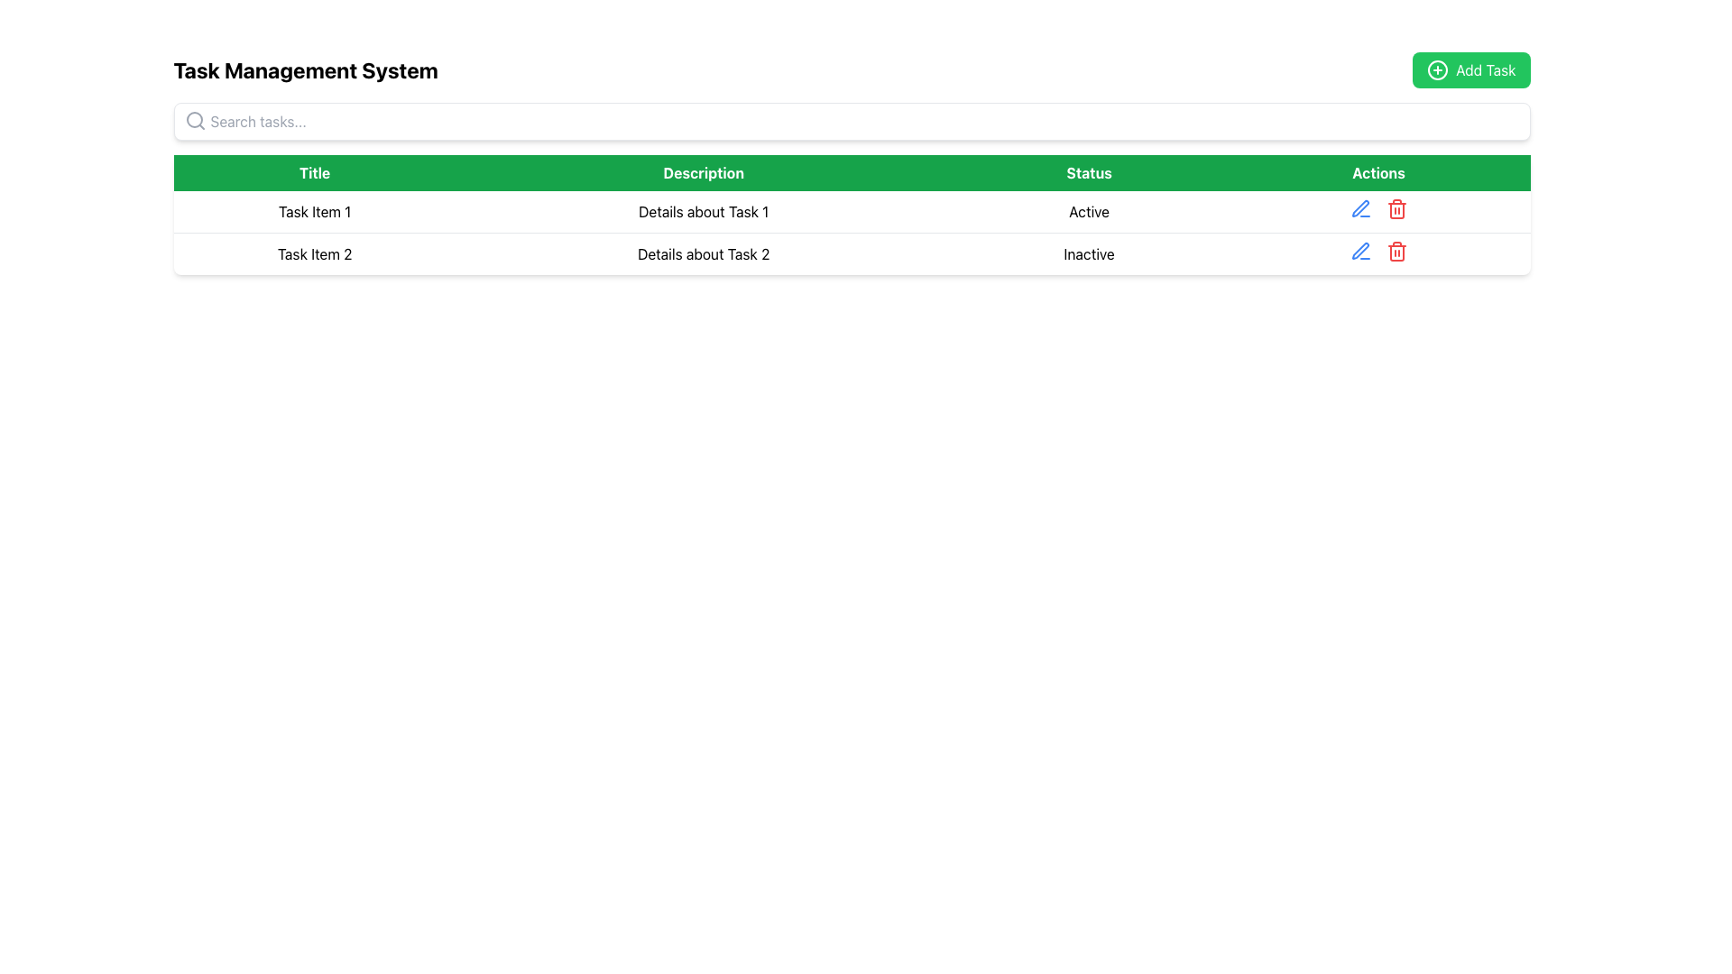 The image size is (1732, 974). I want to click on the edit icon button shaped like a pen in the 'Actions' column for 'Task Item 2' to initiate editing, so click(1359, 207).